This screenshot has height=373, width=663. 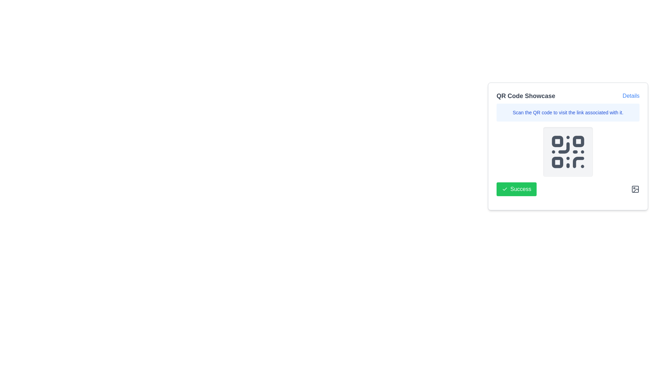 What do you see at coordinates (505, 189) in the screenshot?
I see `the green checkmark icon located on the left side of the 'Success' button within the 'QR Code Showcase' card interface` at bounding box center [505, 189].